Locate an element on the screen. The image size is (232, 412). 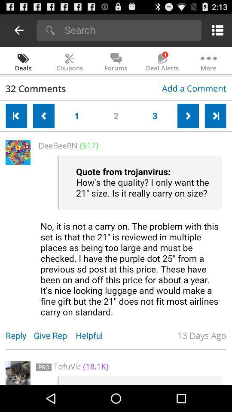
icon next to 13 days ago is located at coordinates (93, 335).